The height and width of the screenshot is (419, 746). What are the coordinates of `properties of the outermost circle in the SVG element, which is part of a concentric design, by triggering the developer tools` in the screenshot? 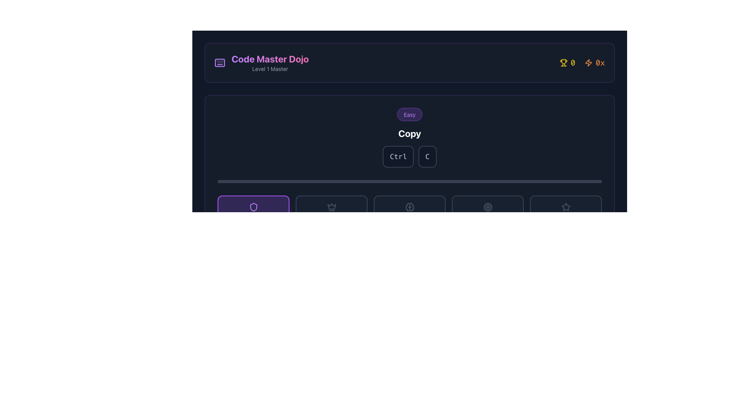 It's located at (487, 206).